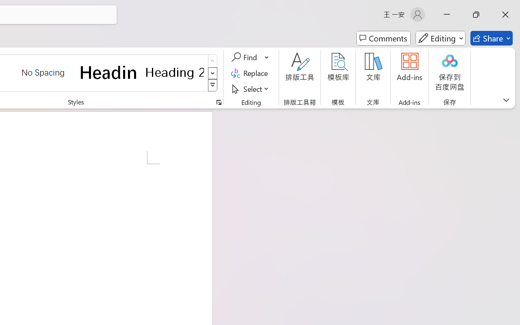 The height and width of the screenshot is (325, 520). I want to click on 'Replace...', so click(250, 73).